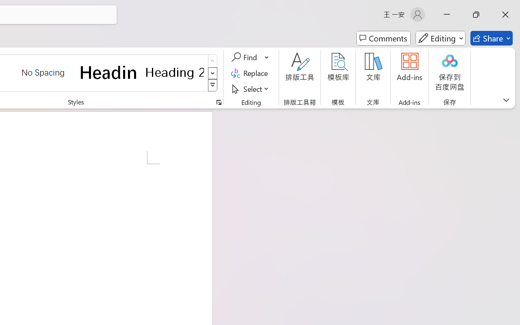 The height and width of the screenshot is (325, 520). I want to click on 'Replace...', so click(250, 73).